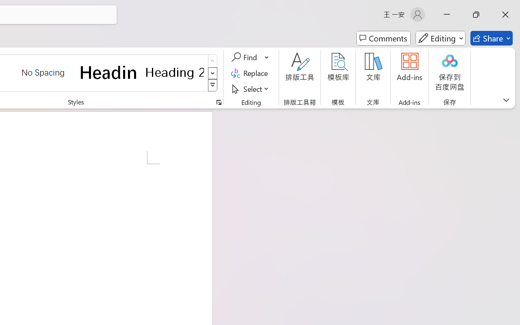 The height and width of the screenshot is (325, 520). I want to click on 'Replace...', so click(250, 73).